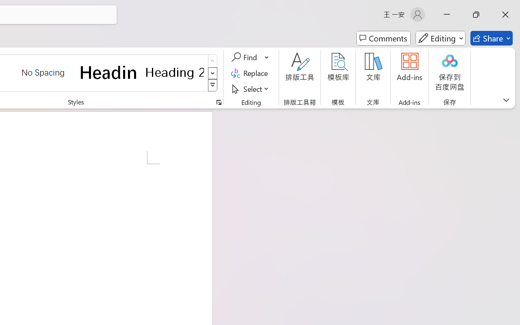 The height and width of the screenshot is (325, 520). I want to click on 'Replace...', so click(250, 73).